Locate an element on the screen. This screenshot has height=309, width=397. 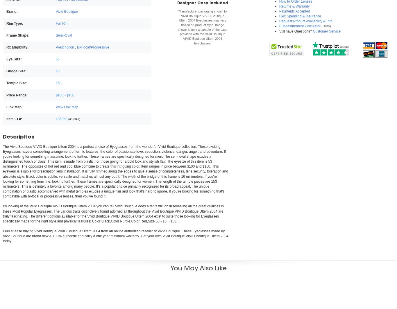
'are truly fascinating. The different options available for the' is located at coordinates (113, 213).